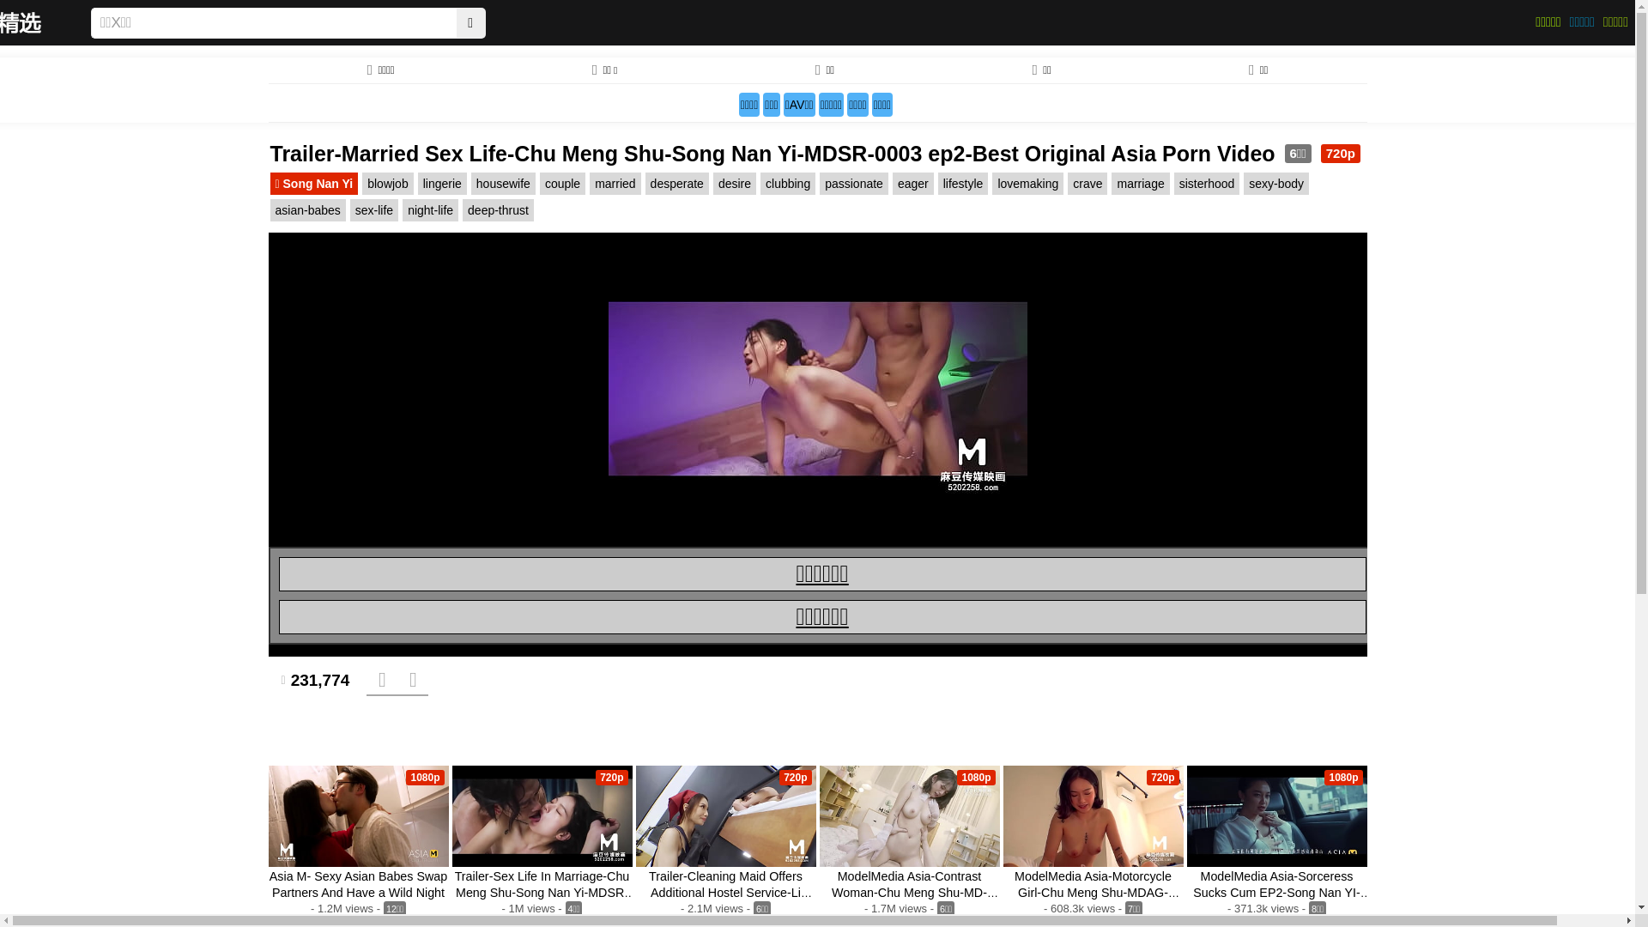 The height and width of the screenshot is (927, 1648). I want to click on 'Song Nan Yi', so click(268, 183).